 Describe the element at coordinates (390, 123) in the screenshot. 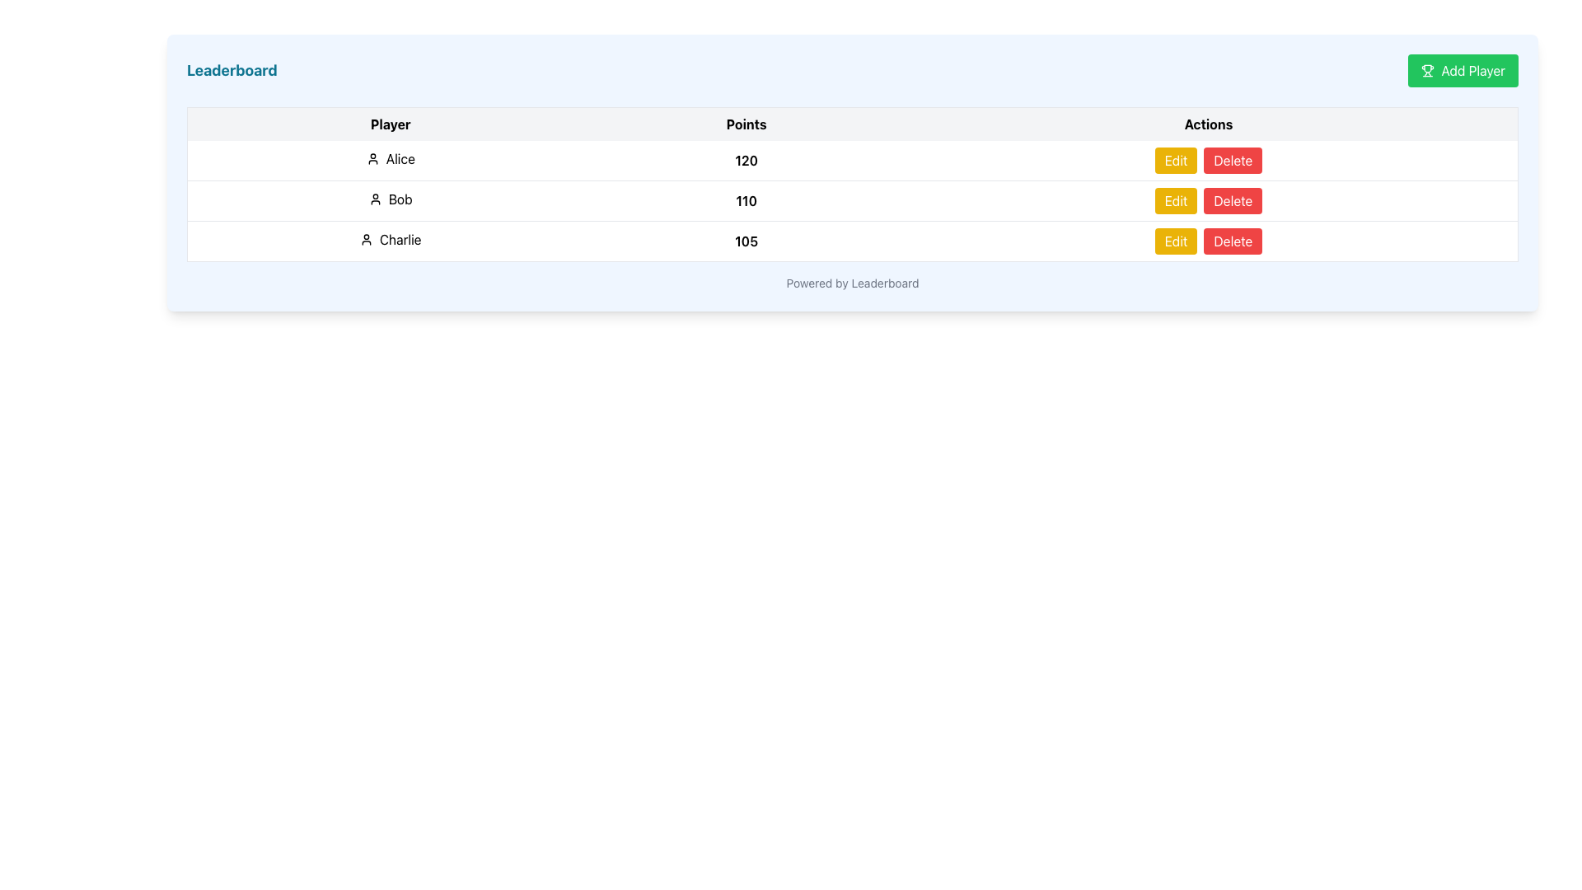

I see `the 'Player' text label, which is the first column header in a table indicating players' names` at that location.